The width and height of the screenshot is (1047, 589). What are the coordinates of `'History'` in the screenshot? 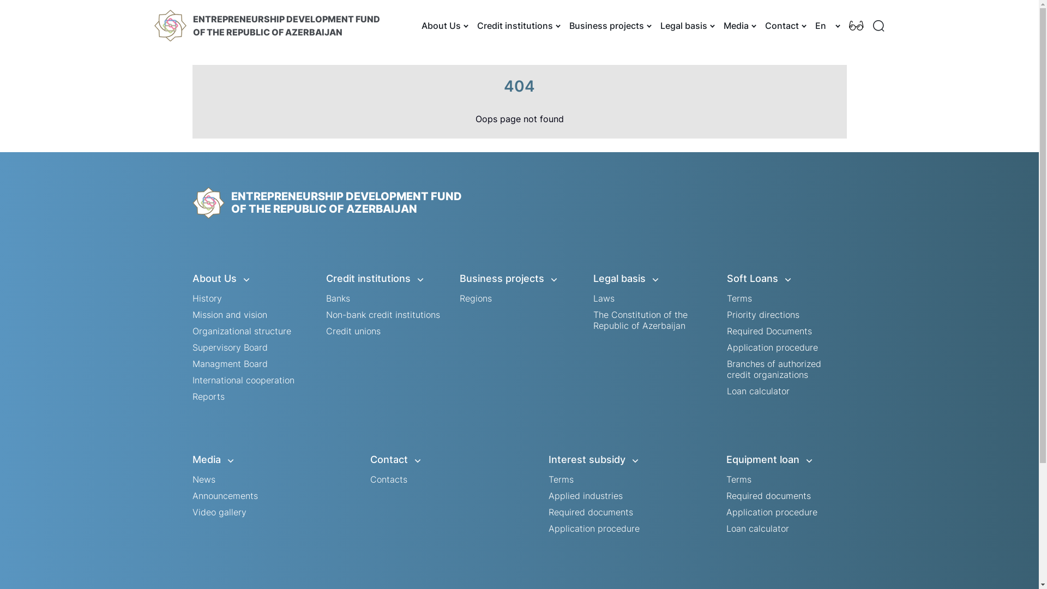 It's located at (207, 298).